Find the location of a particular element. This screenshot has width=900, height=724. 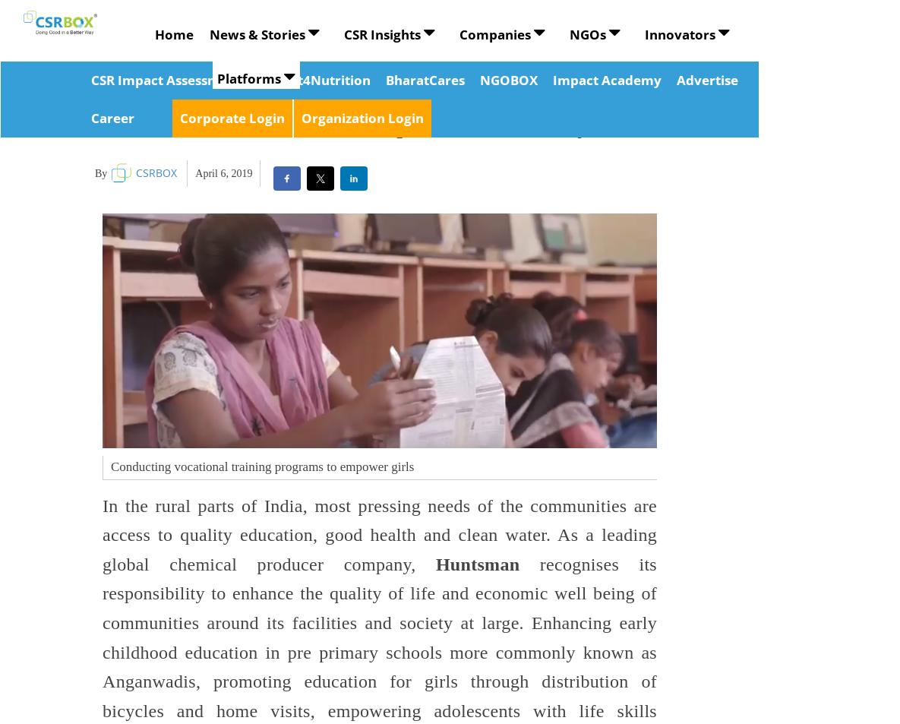

'Career' is located at coordinates (90, 117).